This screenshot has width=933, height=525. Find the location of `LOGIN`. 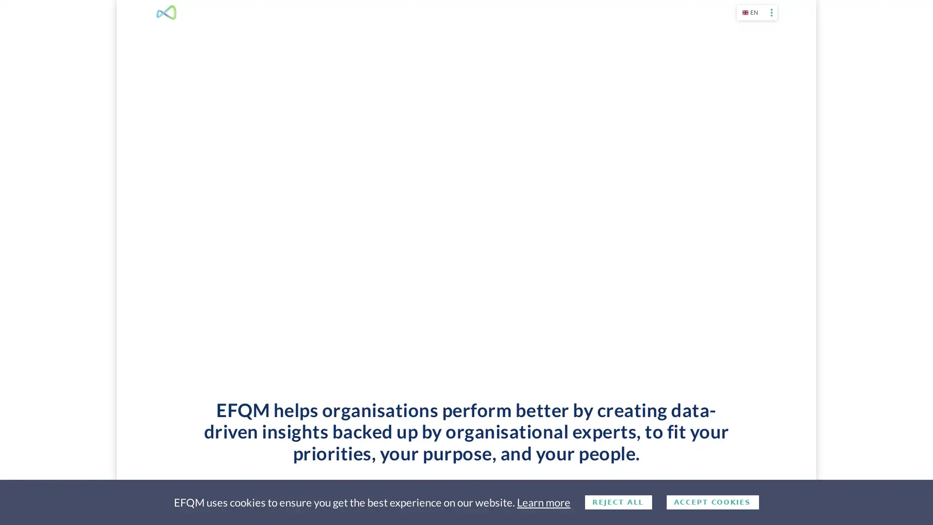

LOGIN is located at coordinates (713, 13).